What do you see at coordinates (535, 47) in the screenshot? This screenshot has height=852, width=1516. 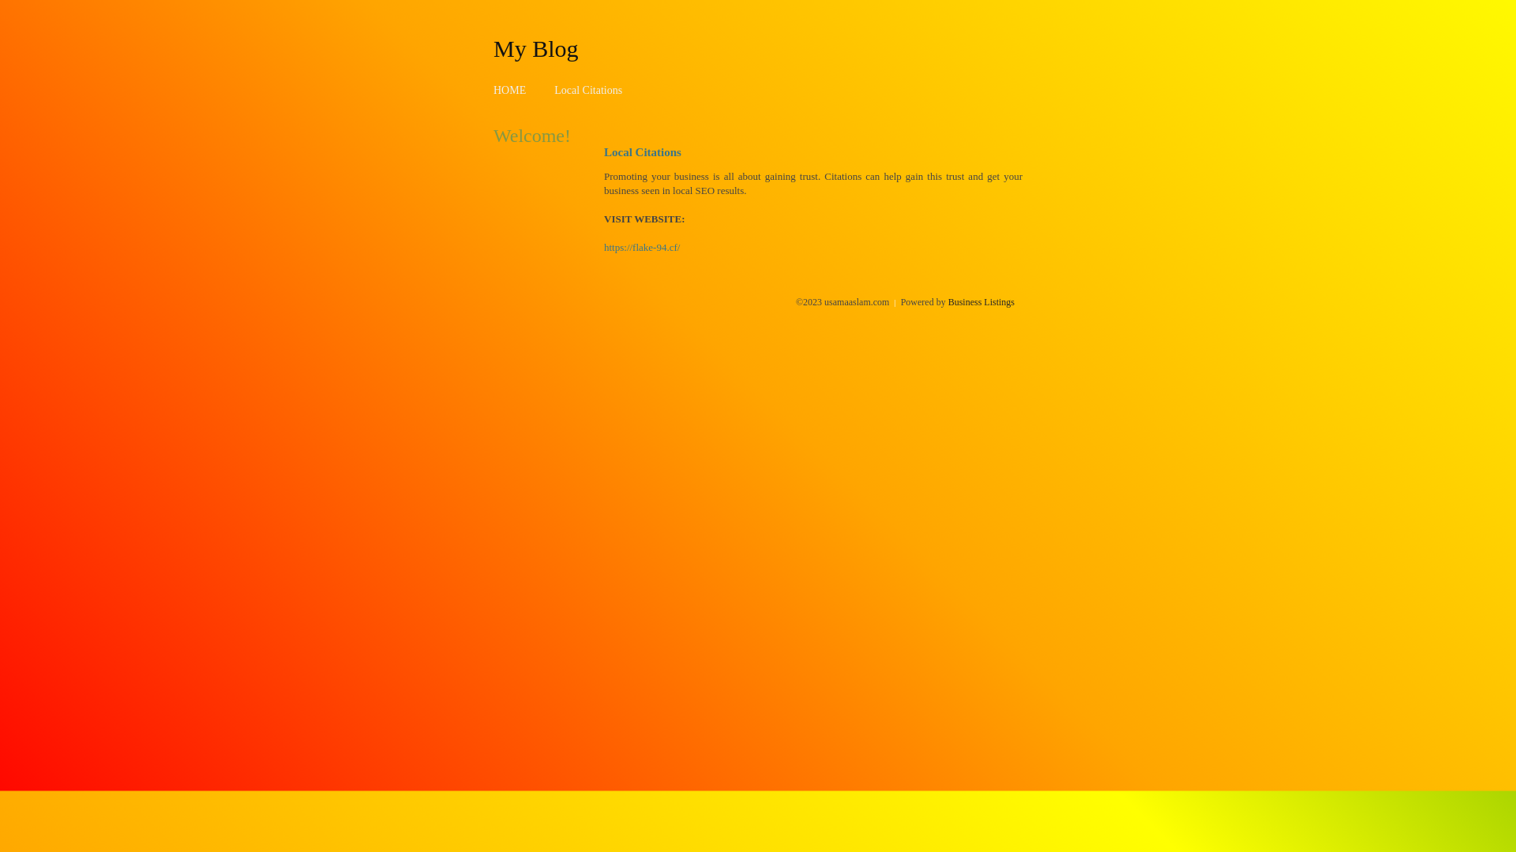 I see `'My Blog'` at bounding box center [535, 47].